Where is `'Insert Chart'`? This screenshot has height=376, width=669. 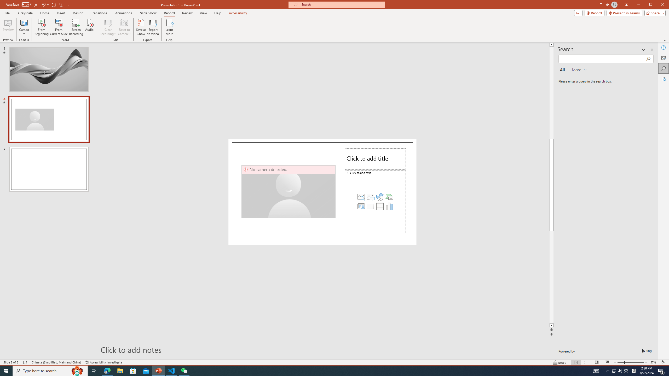
'Insert Chart' is located at coordinates (389, 206).